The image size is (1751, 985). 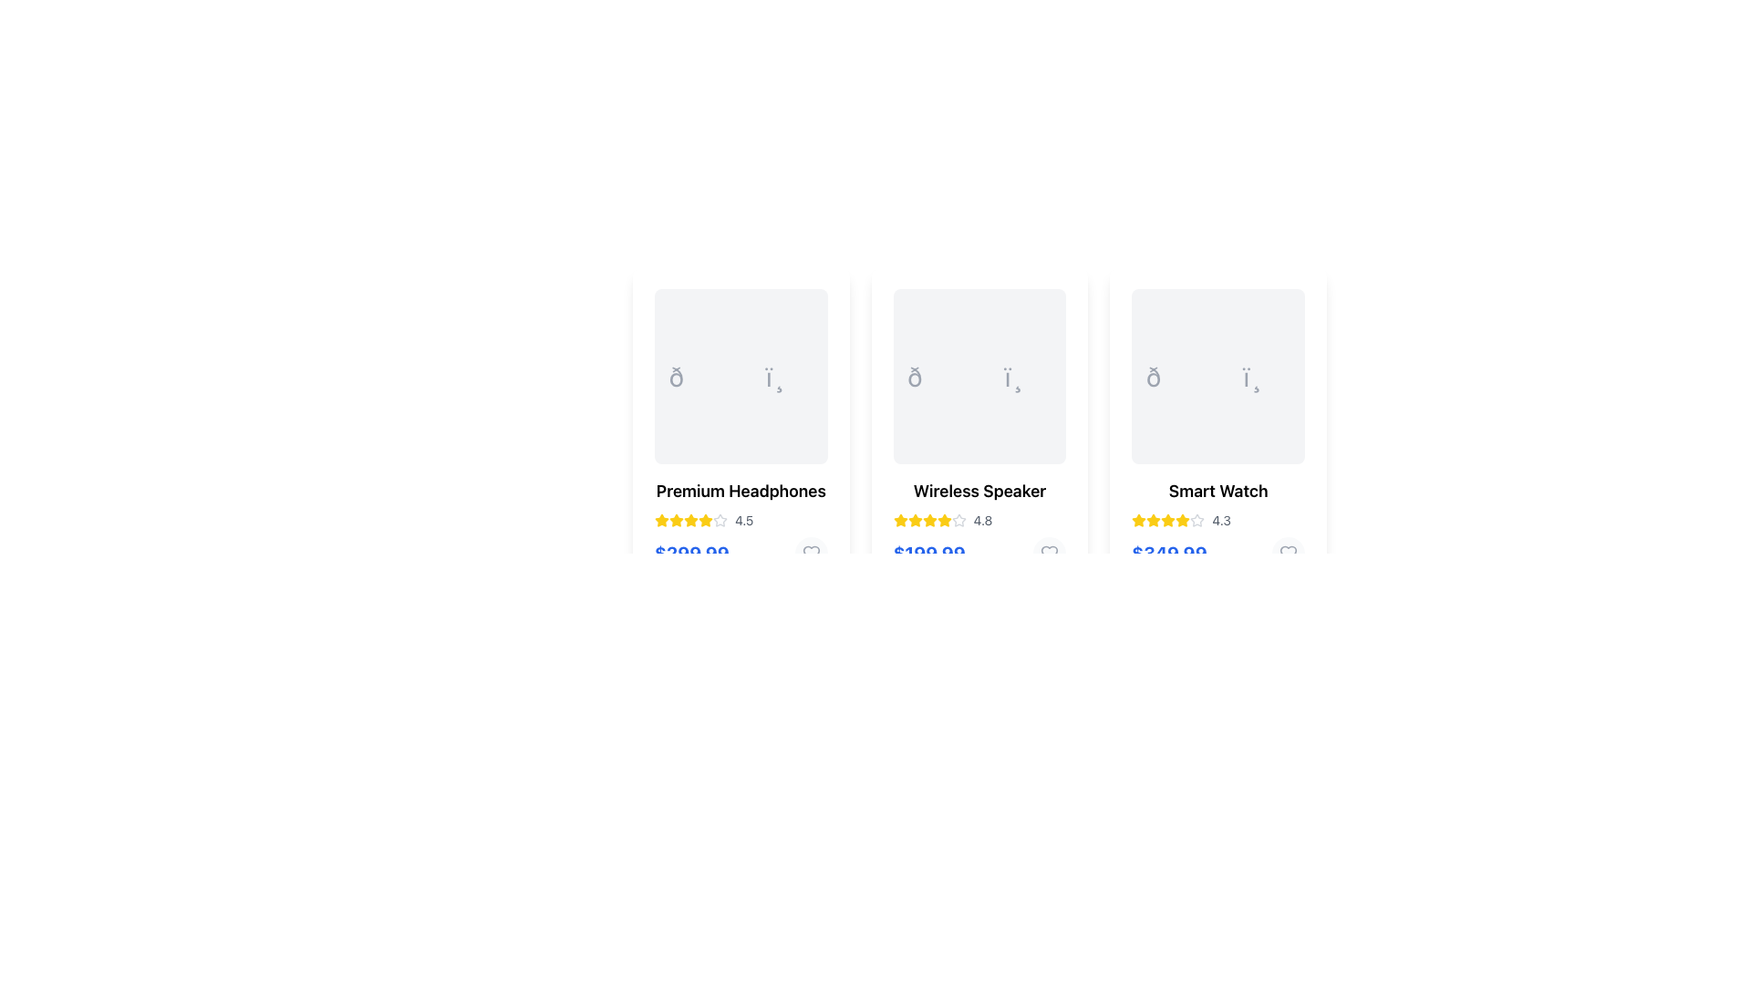 What do you see at coordinates (1197, 520) in the screenshot?
I see `the fifth star icon in the rating system below the 'Smart Watch' title and above the product price` at bounding box center [1197, 520].